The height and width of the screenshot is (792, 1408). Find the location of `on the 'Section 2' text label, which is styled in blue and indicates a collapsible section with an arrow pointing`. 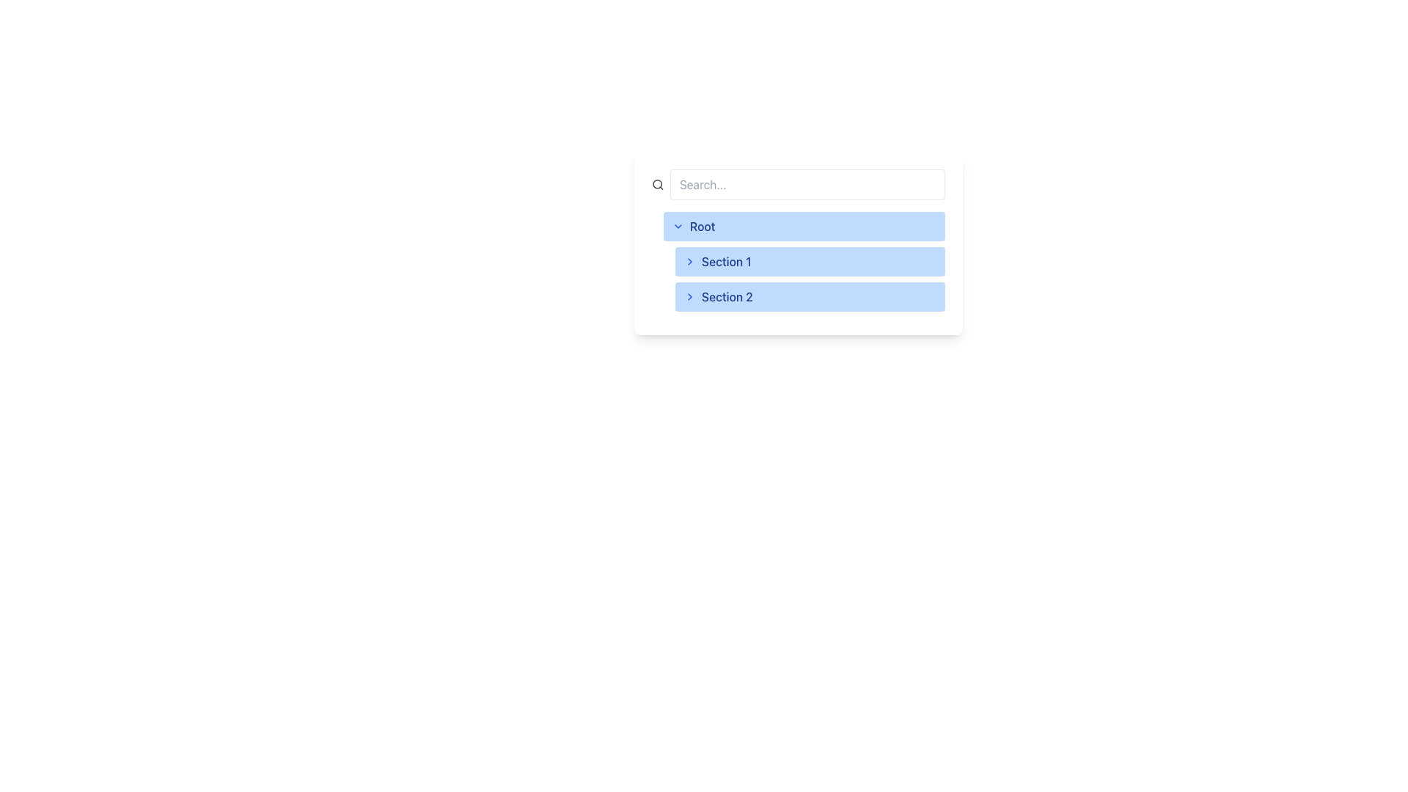

on the 'Section 2' text label, which is styled in blue and indicates a collapsible section with an arrow pointing is located at coordinates (718, 297).